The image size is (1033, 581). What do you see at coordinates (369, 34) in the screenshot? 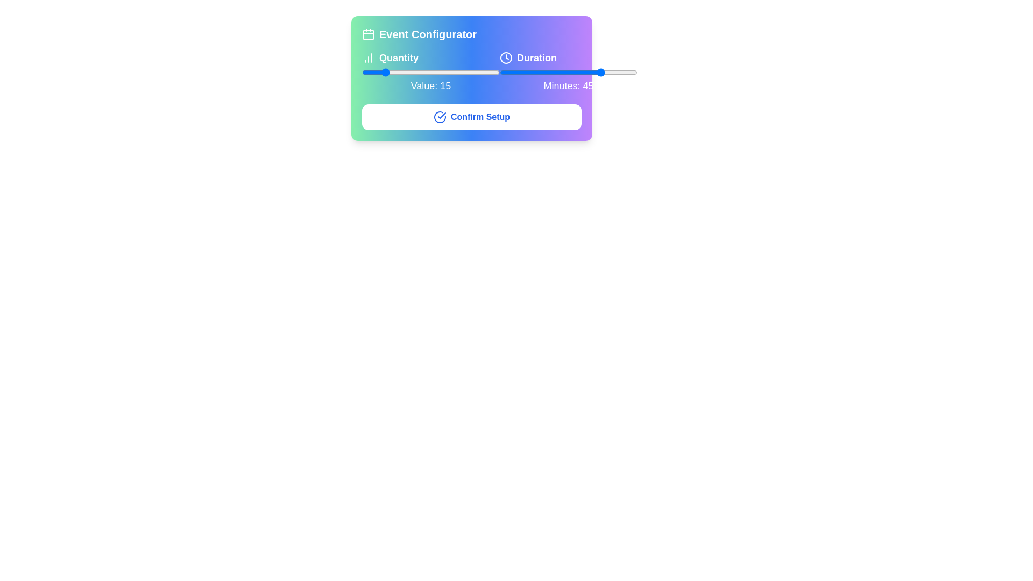
I see `the small calendar icon located at the top-left corner of the 'Event Configurator' header section, which features a rectangular border and two vertical lines representing a calendar grid` at bounding box center [369, 34].